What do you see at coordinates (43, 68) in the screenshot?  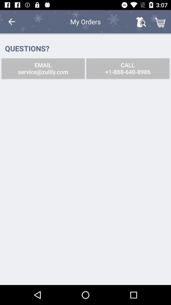 I see `the email service zulily` at bounding box center [43, 68].